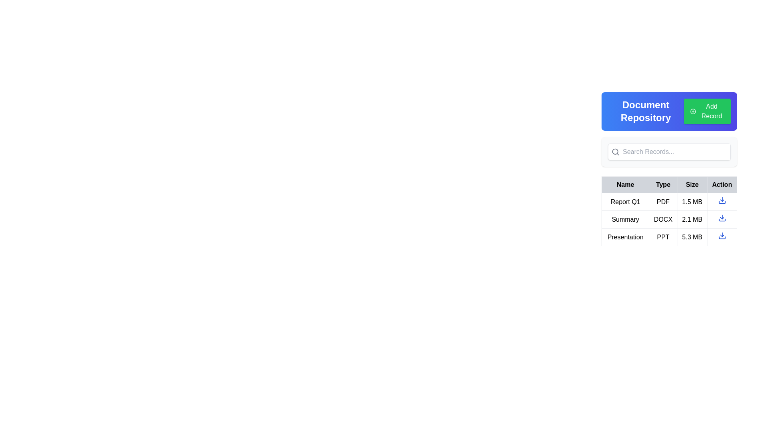  Describe the element at coordinates (692, 185) in the screenshot. I see `the 'Size' header text label, the third header in the table` at that location.